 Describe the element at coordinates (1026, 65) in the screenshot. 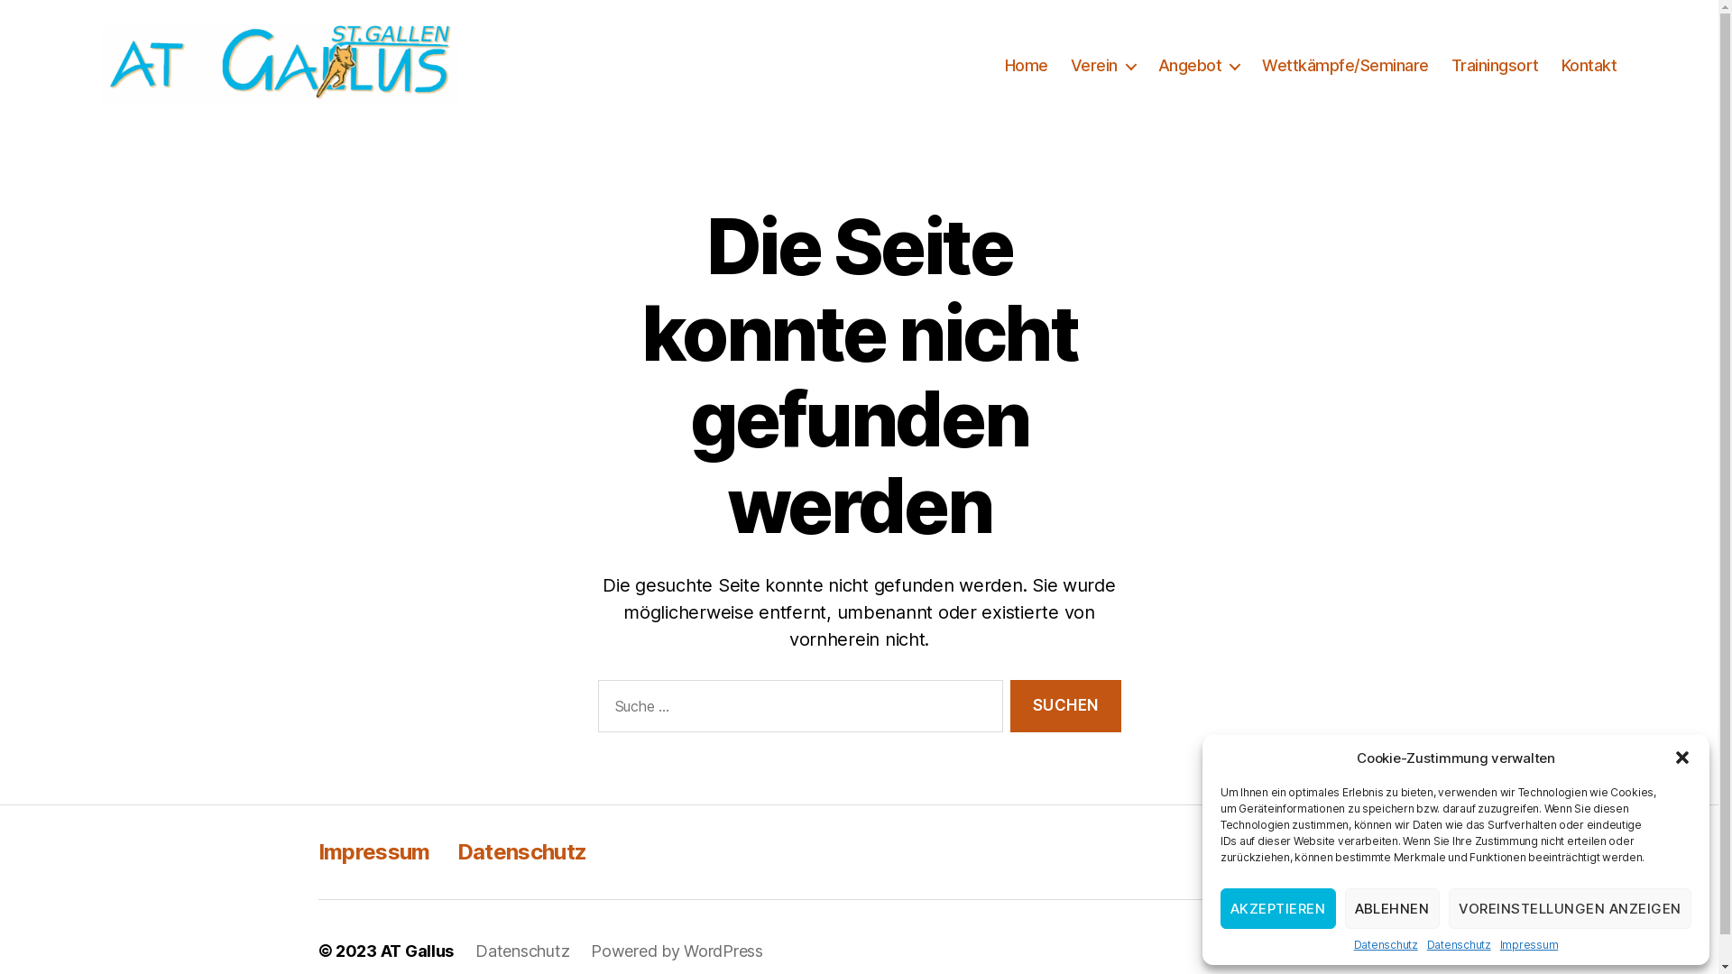

I see `'Home'` at that location.